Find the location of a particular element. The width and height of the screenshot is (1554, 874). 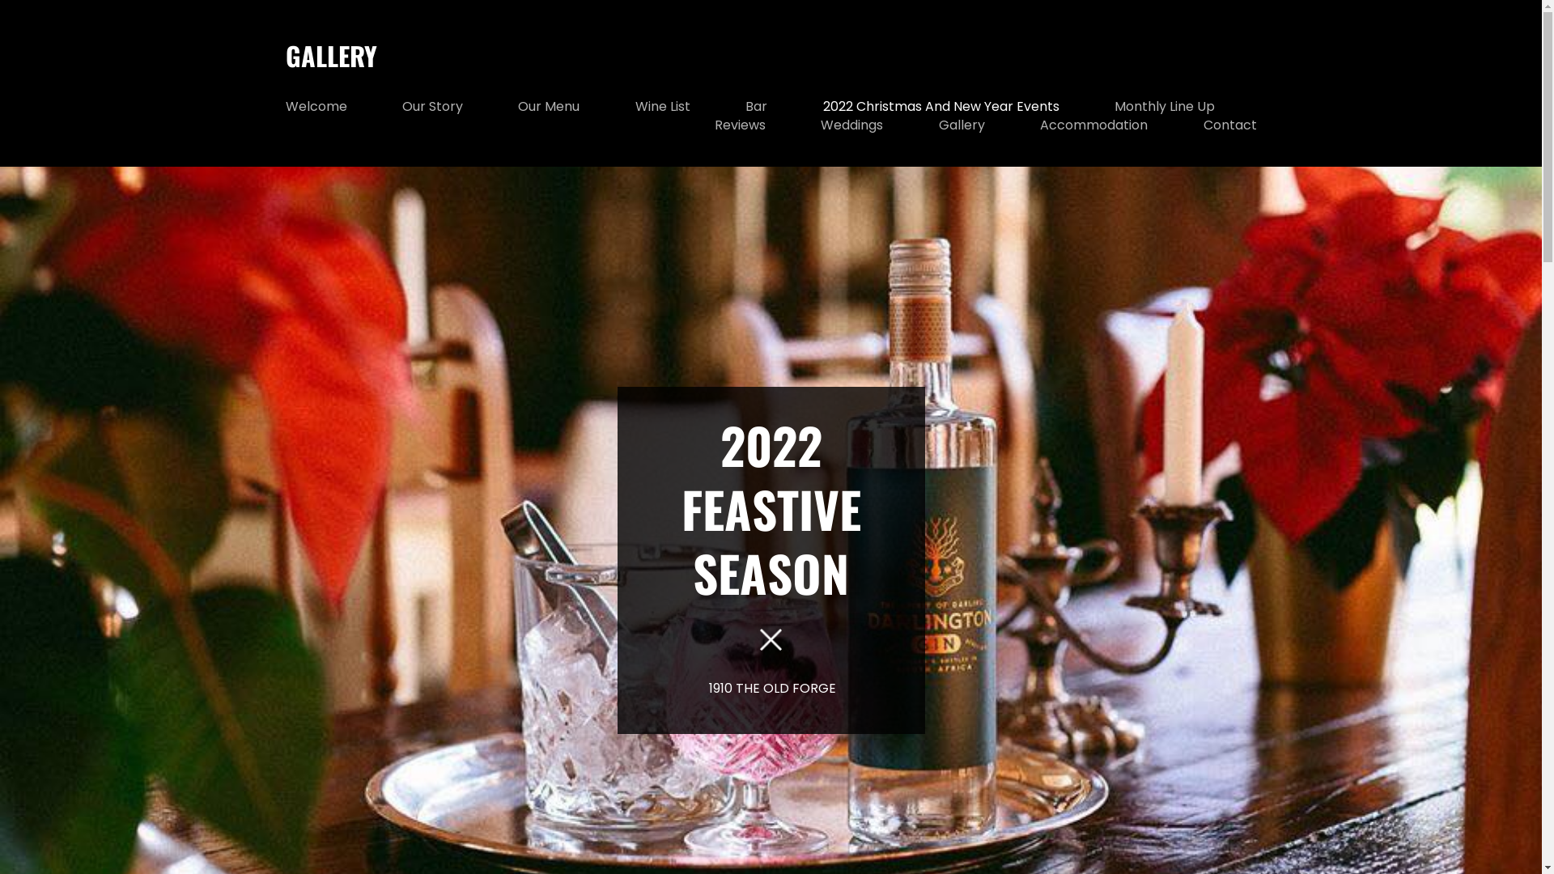

'GALLERY' is located at coordinates (284, 54).